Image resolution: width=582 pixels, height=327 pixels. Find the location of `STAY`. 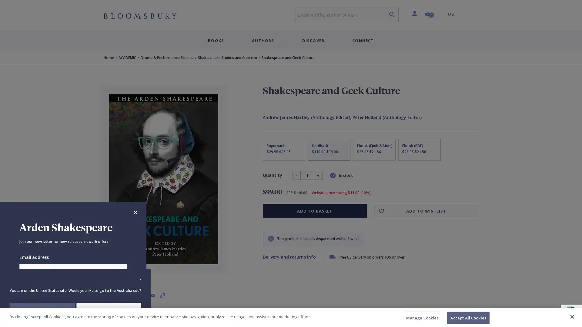

STAY is located at coordinates (42, 310).